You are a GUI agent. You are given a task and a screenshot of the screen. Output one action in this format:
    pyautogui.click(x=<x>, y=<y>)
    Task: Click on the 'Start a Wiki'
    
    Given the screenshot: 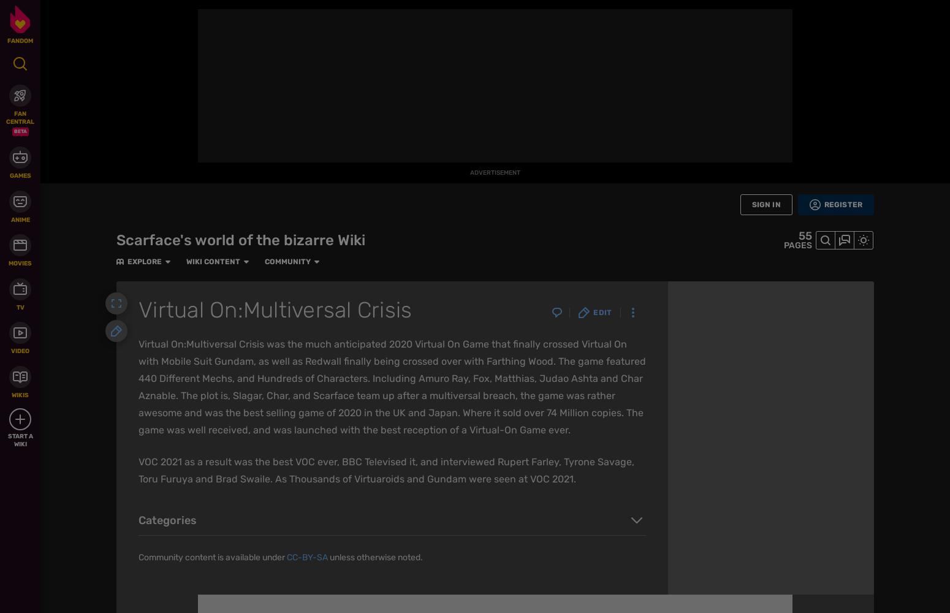 What is the action you would take?
    pyautogui.click(x=19, y=440)
    